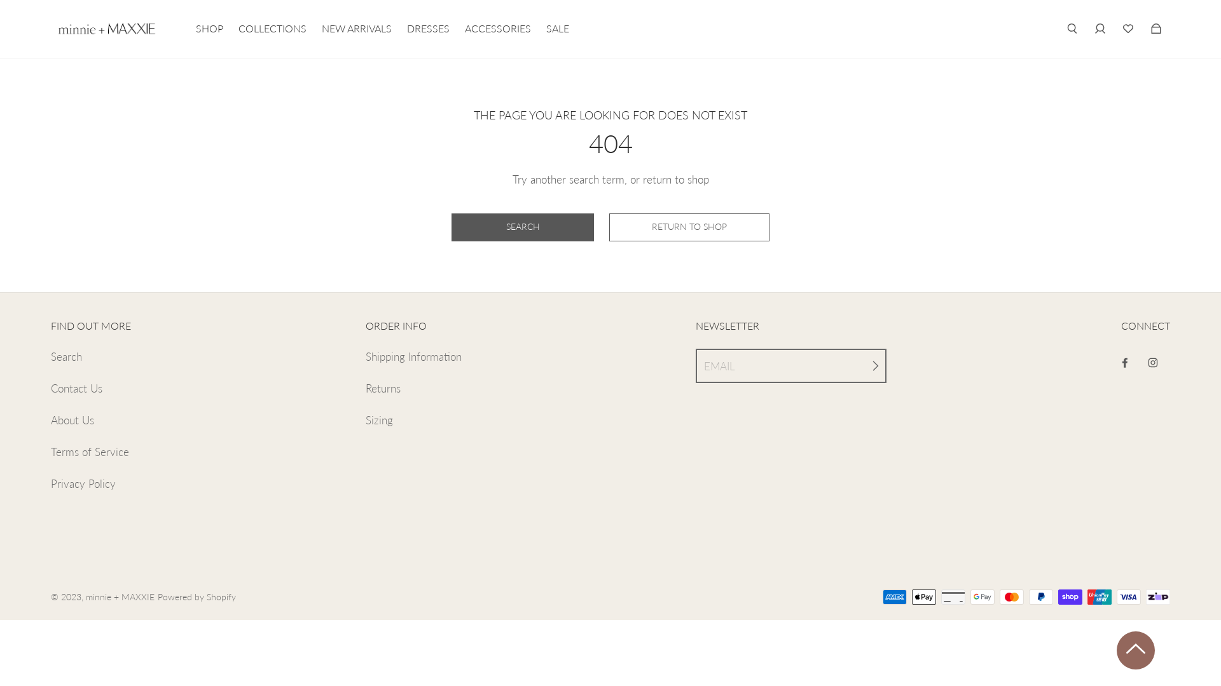 This screenshot has width=1221, height=686. What do you see at coordinates (89, 452) in the screenshot?
I see `'Terms of Service'` at bounding box center [89, 452].